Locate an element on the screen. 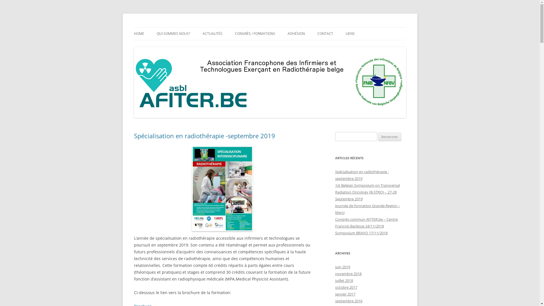 The width and height of the screenshot is (544, 306). 'LIENS' is located at coordinates (350, 34).